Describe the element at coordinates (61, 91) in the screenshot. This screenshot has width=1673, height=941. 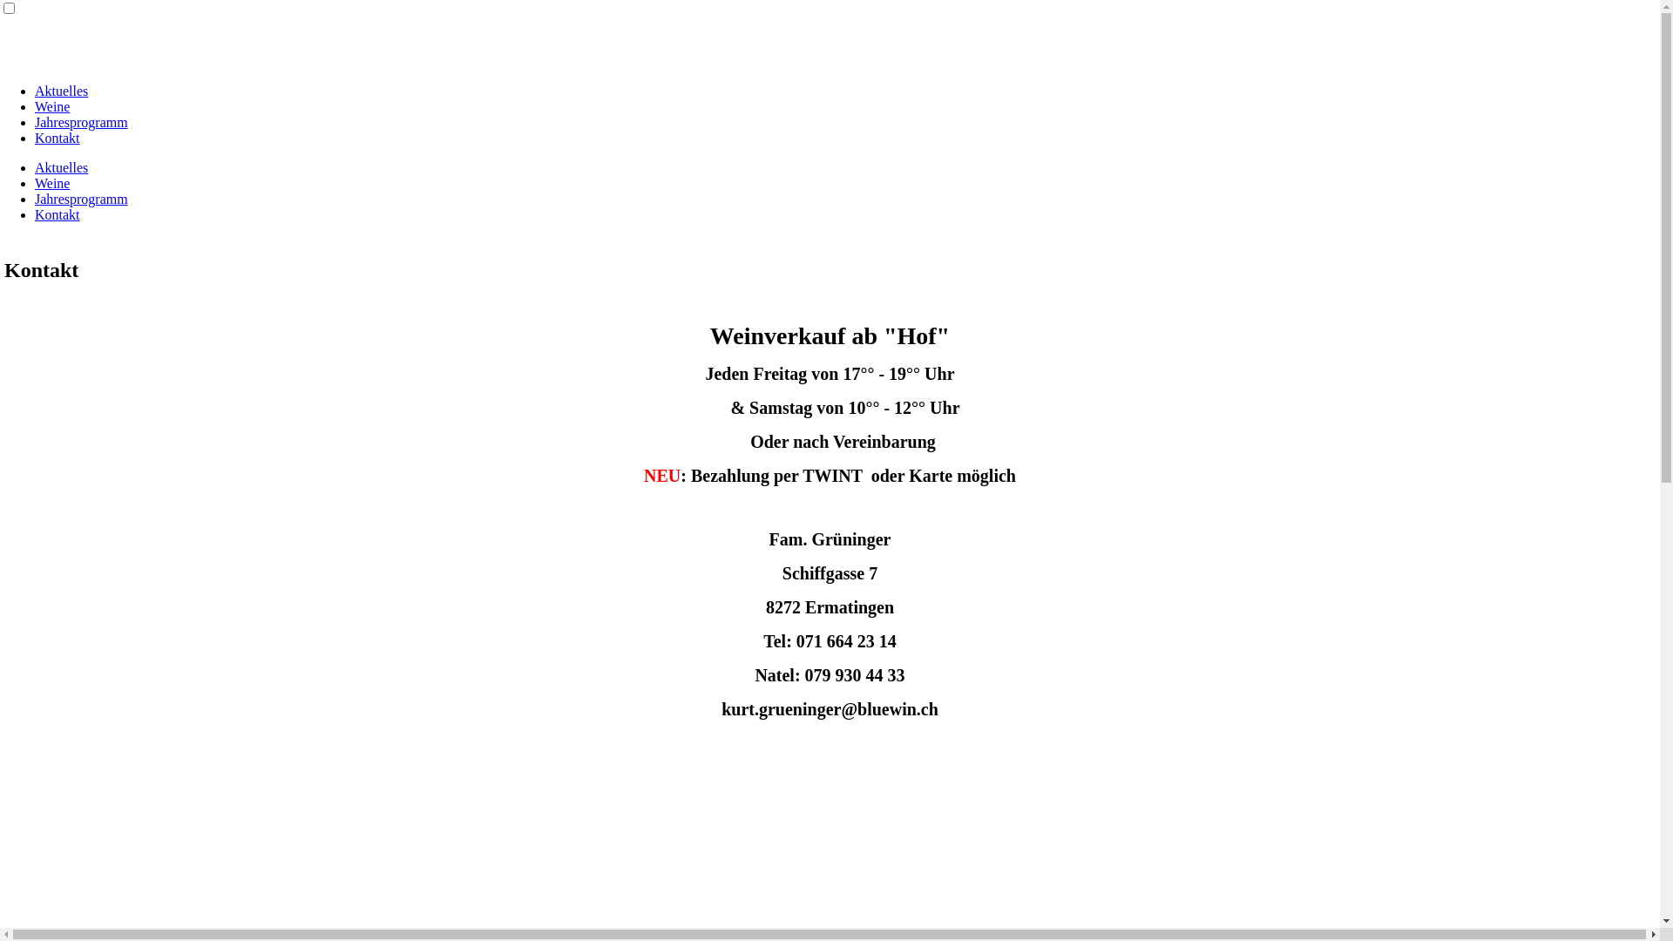
I see `'Aktuelles'` at that location.